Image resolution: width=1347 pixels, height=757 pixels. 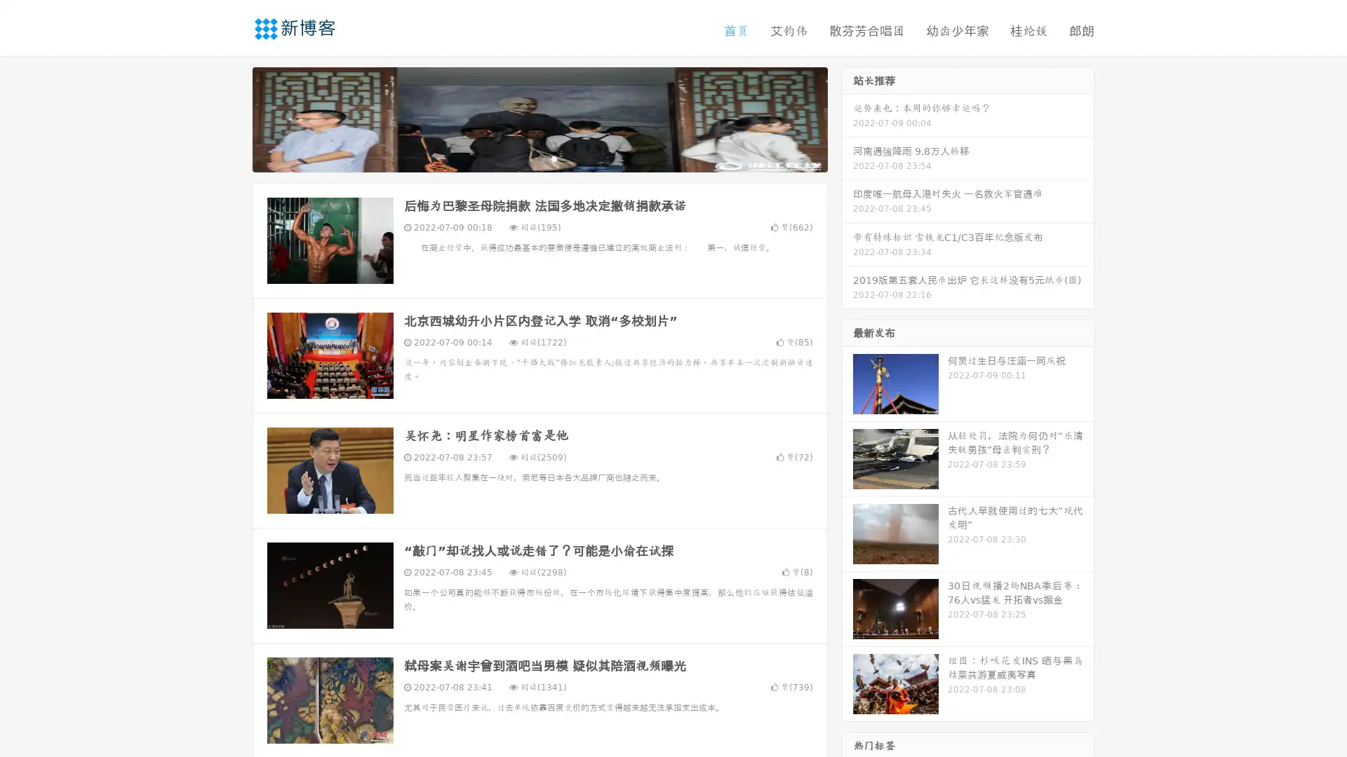 What do you see at coordinates (525, 158) in the screenshot?
I see `Go to slide 1` at bounding box center [525, 158].